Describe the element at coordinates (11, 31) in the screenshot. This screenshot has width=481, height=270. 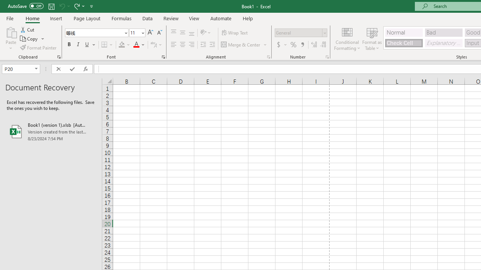
I see `'Paste'` at that location.